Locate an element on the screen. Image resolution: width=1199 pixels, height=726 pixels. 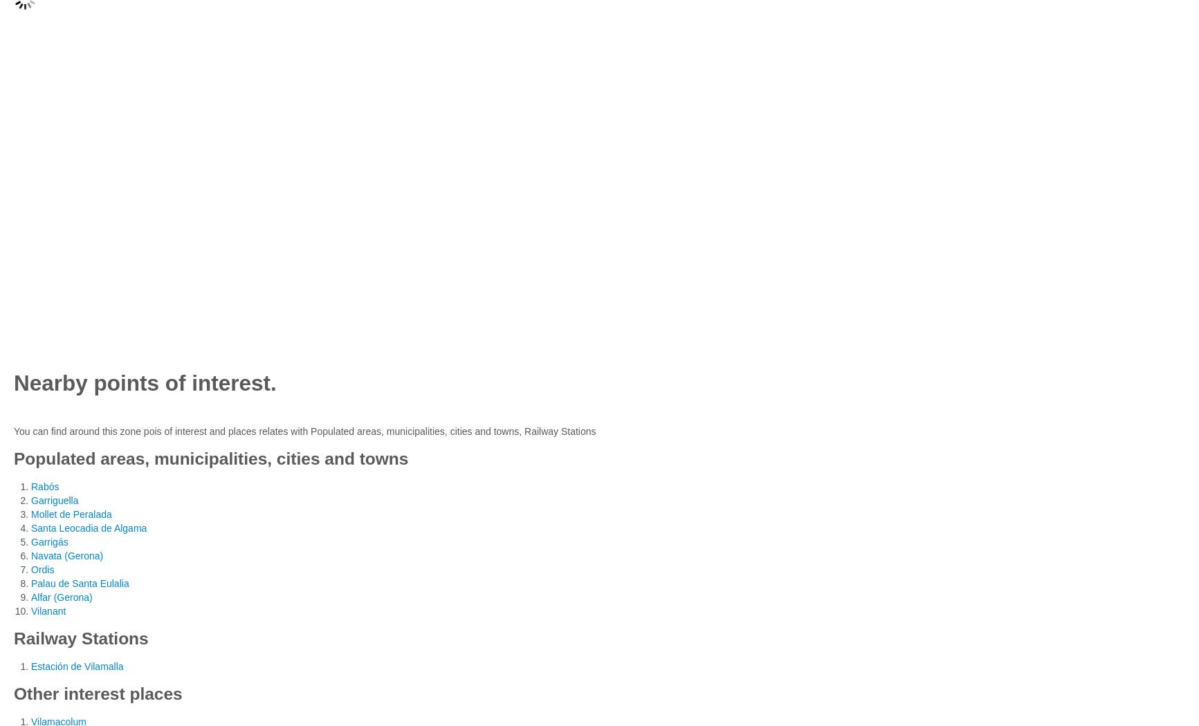
'Vilanant' is located at coordinates (31, 610).